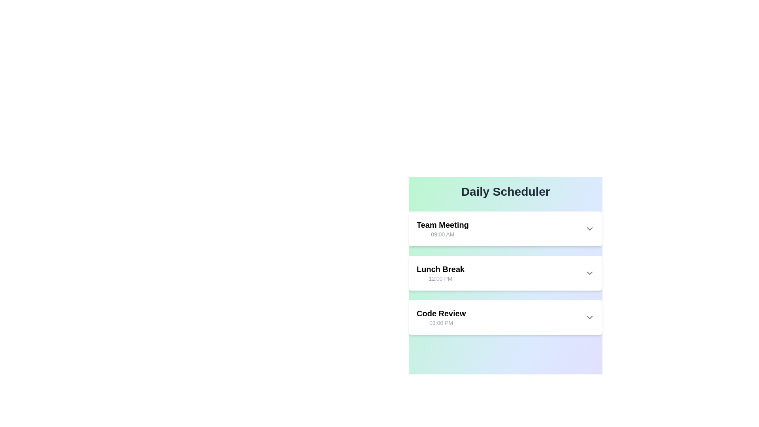 The image size is (759, 427). Describe the element at coordinates (442, 225) in the screenshot. I see `the 'Team Meeting' text label located at the top of the first entry in the 'Daily Scheduler' list, which indicates the scheduled activity` at that location.